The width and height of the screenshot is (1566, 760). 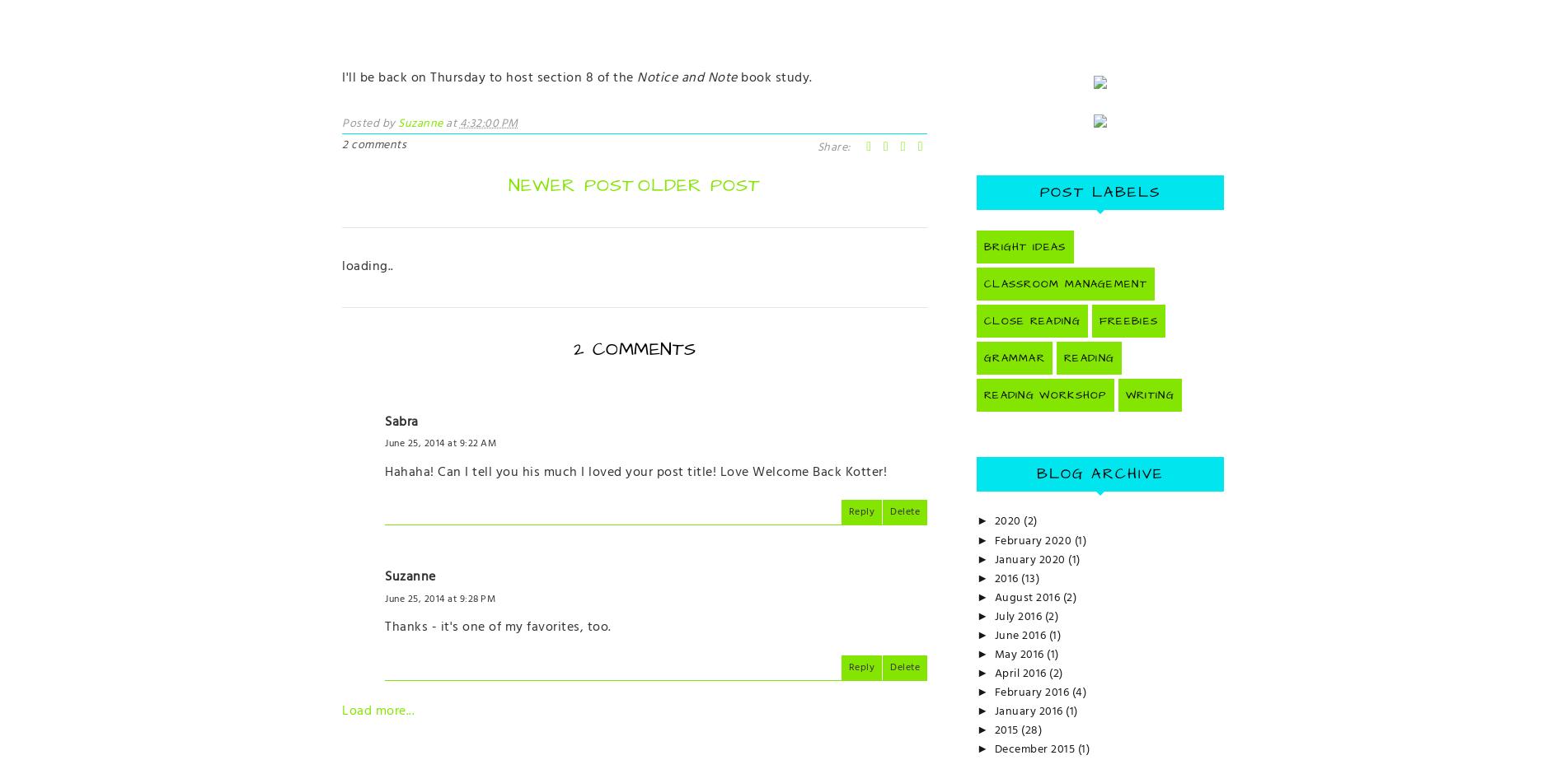 What do you see at coordinates (1020, 653) in the screenshot?
I see `'May 2016'` at bounding box center [1020, 653].